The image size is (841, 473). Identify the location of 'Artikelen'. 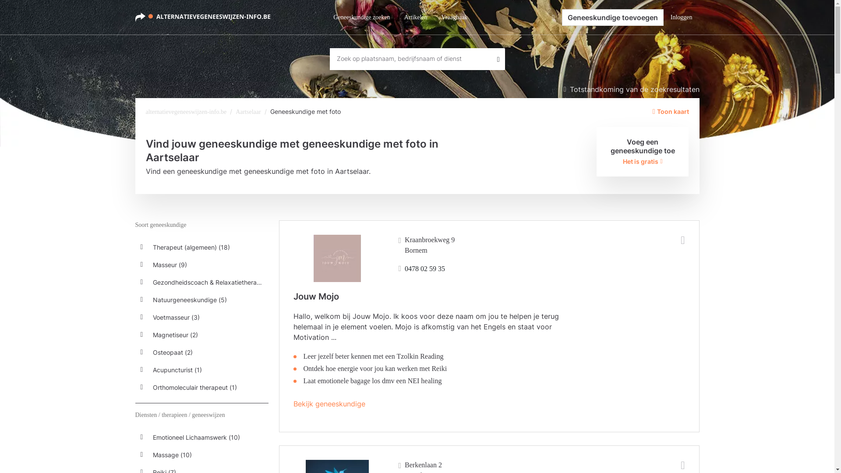
(415, 17).